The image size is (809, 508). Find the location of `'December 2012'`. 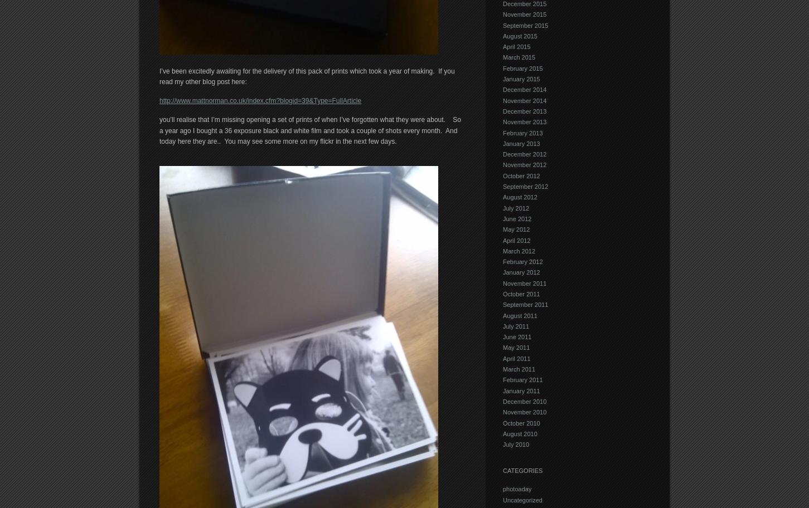

'December 2012' is located at coordinates (524, 153).